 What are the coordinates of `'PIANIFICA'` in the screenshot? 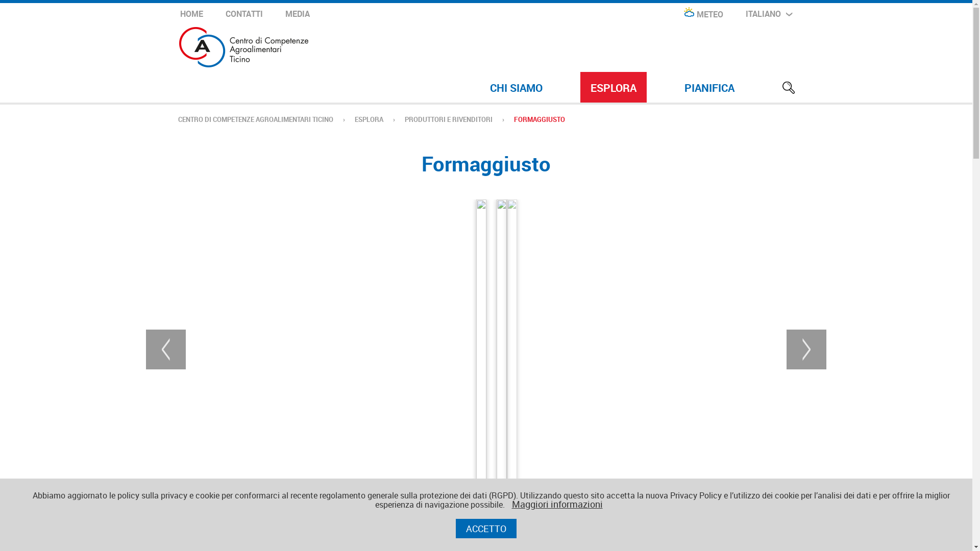 It's located at (708, 87).